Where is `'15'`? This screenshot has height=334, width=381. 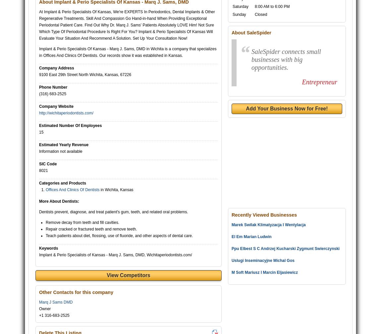 '15' is located at coordinates (41, 132).